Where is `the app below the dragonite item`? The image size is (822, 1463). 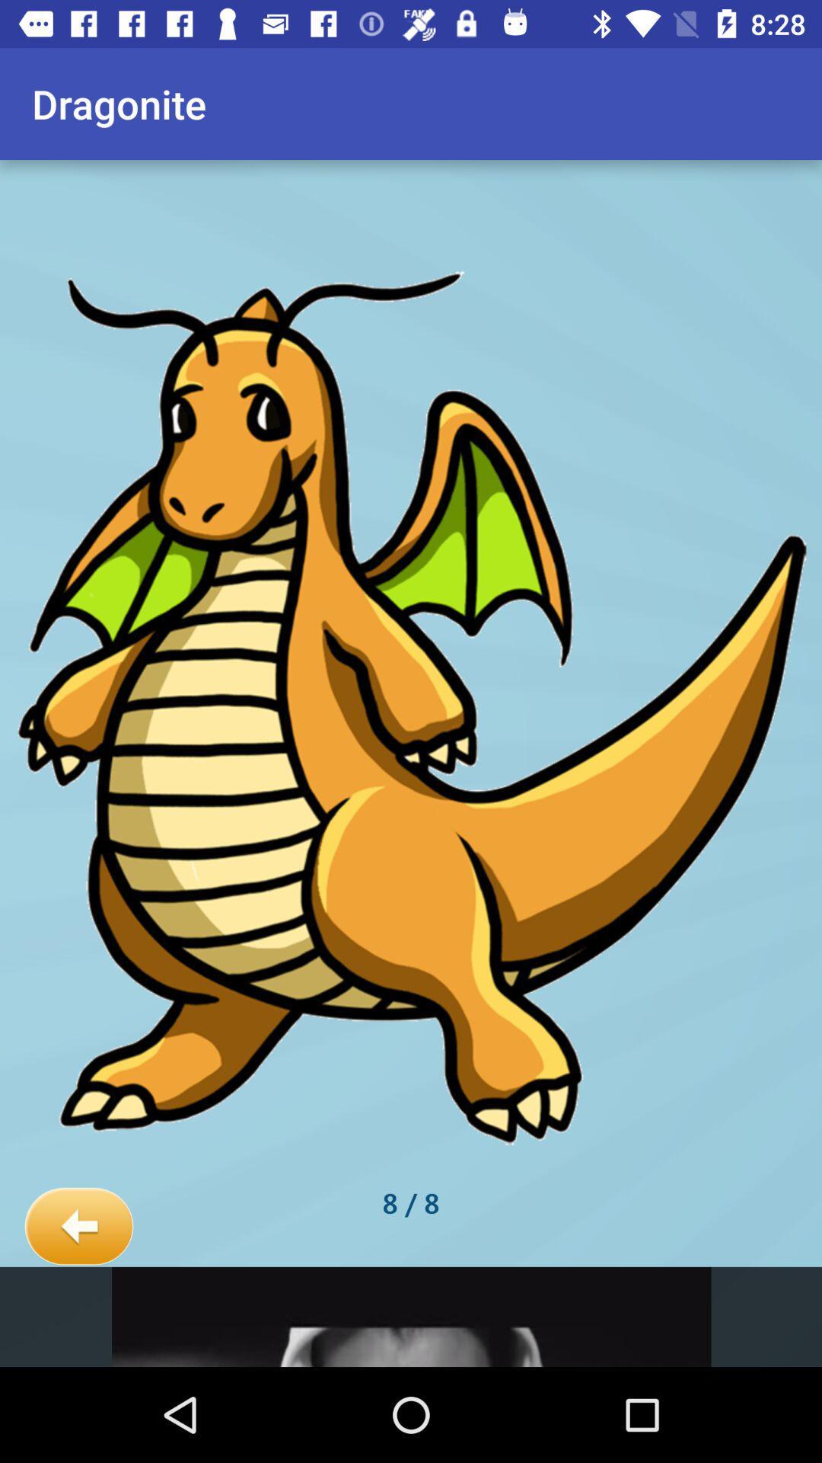 the app below the dragonite item is located at coordinates (78, 1227).